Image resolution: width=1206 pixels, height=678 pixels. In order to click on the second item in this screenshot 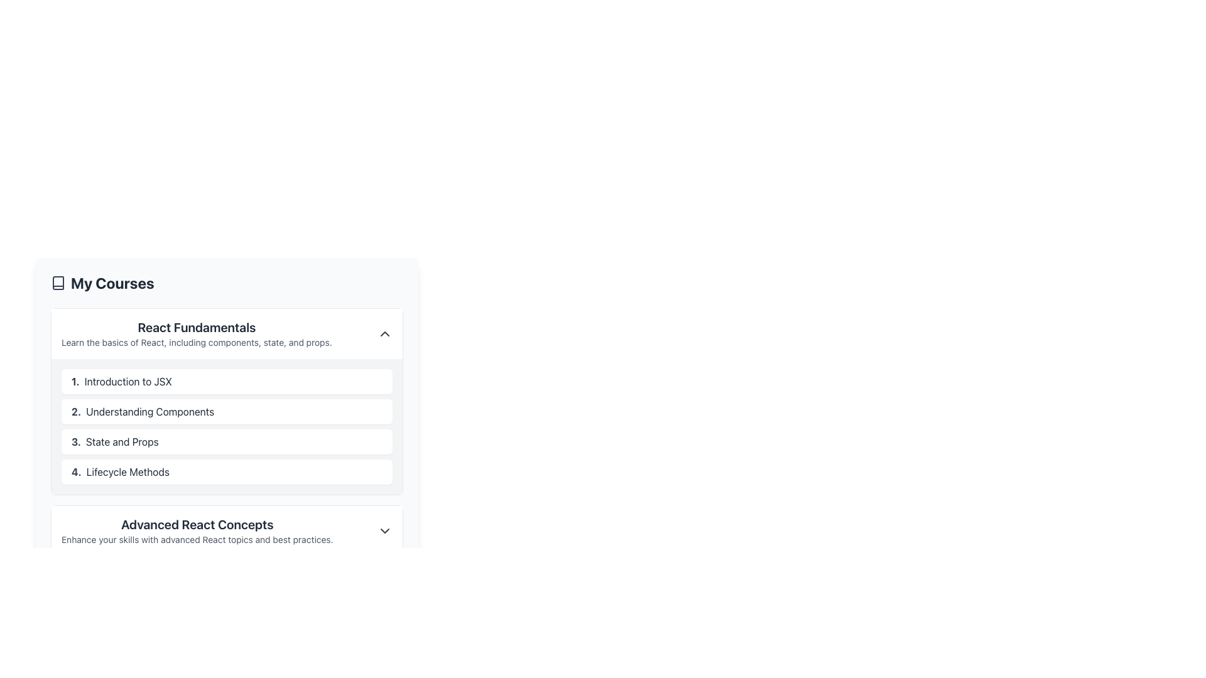, I will do `click(227, 402)`.